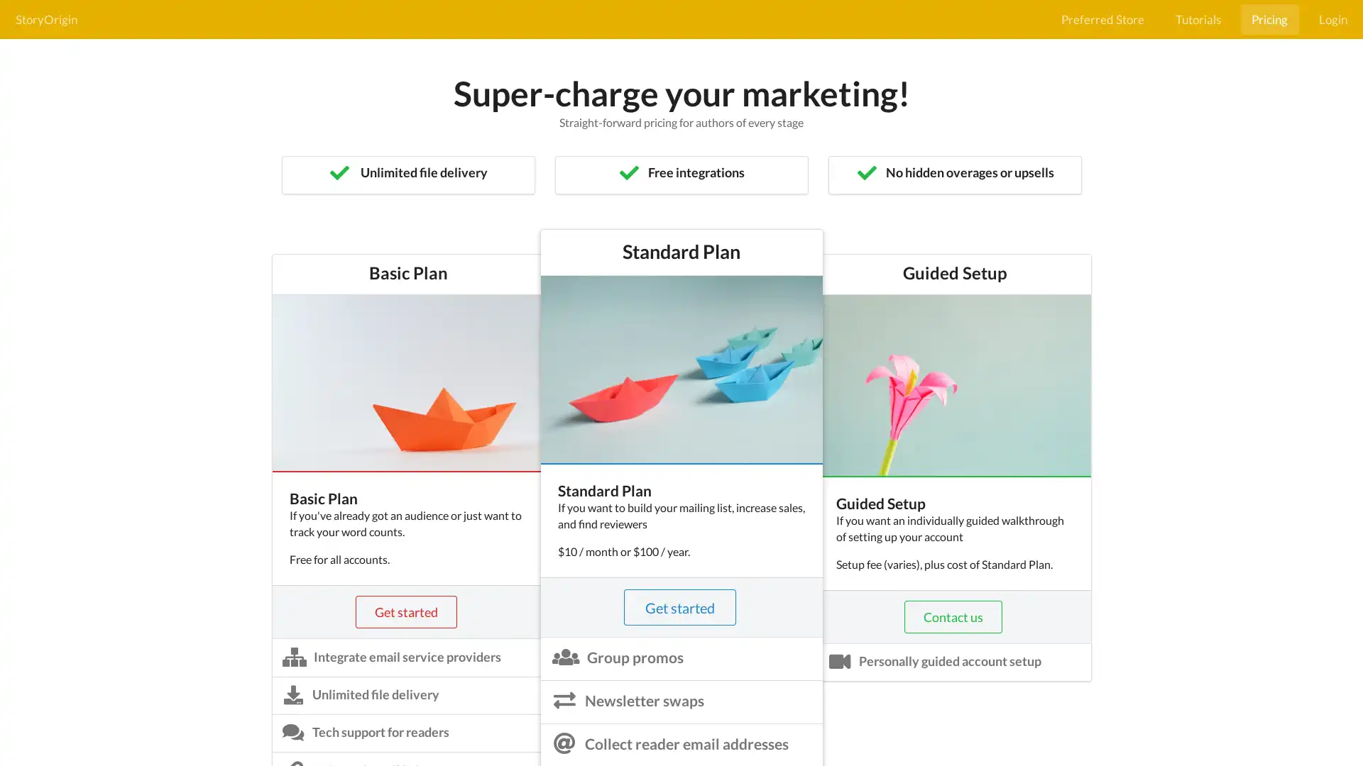  I want to click on Get started, so click(678, 606).